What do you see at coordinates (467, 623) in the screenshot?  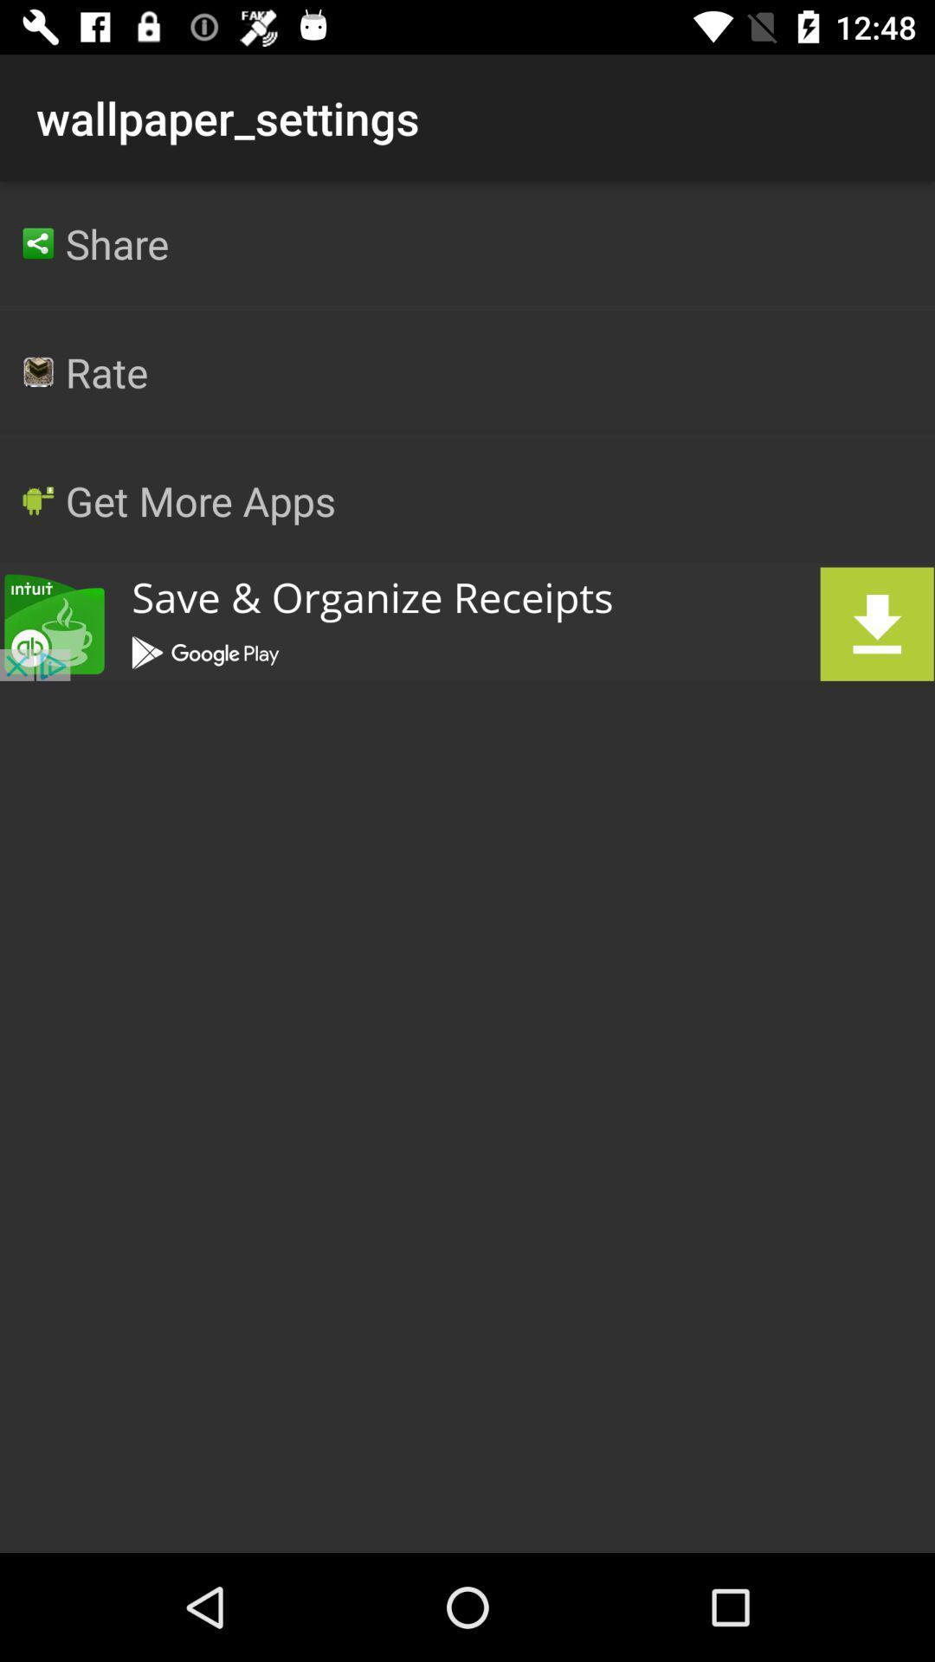 I see `advertisement link` at bounding box center [467, 623].